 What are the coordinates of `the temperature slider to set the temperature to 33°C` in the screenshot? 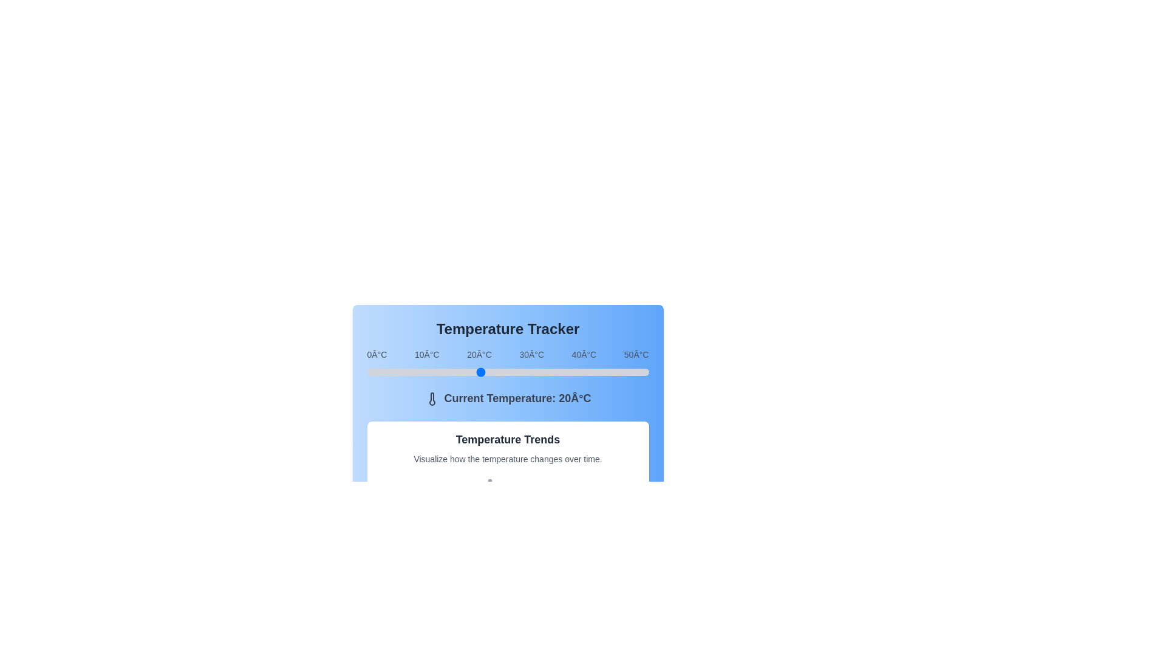 It's located at (552, 372).